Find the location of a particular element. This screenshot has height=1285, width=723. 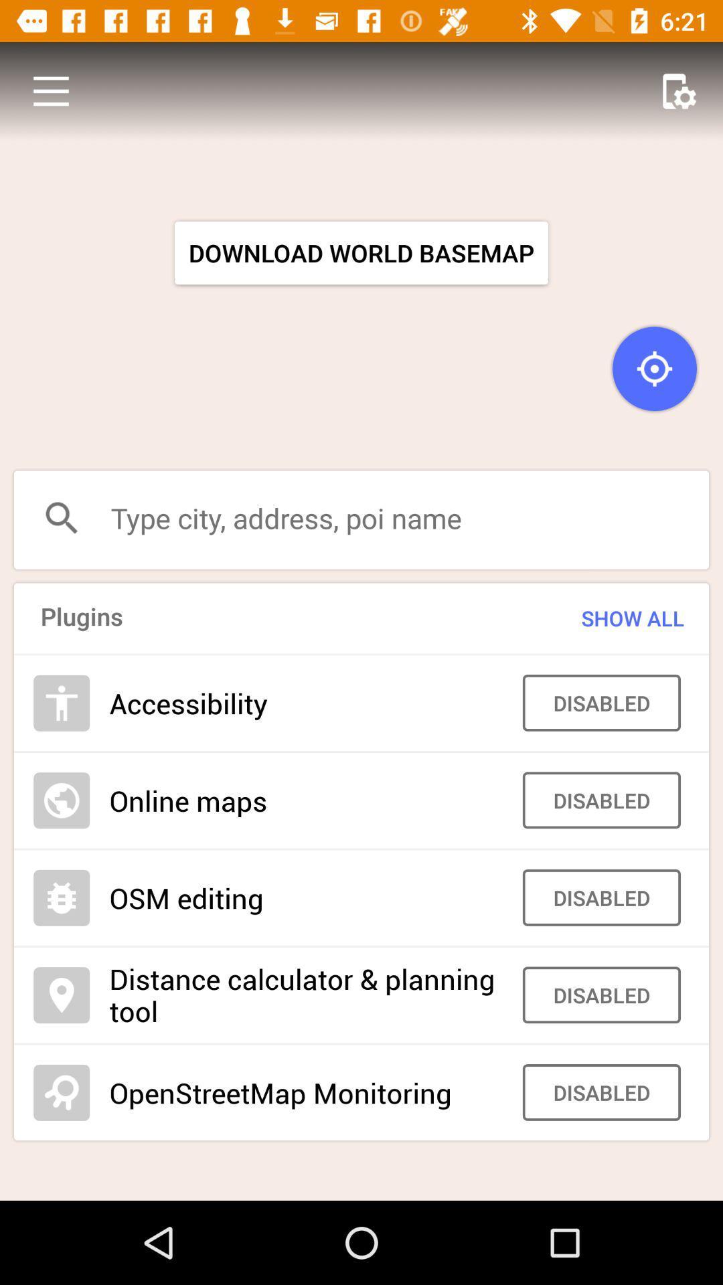

icon above the type city address item is located at coordinates (50, 90).